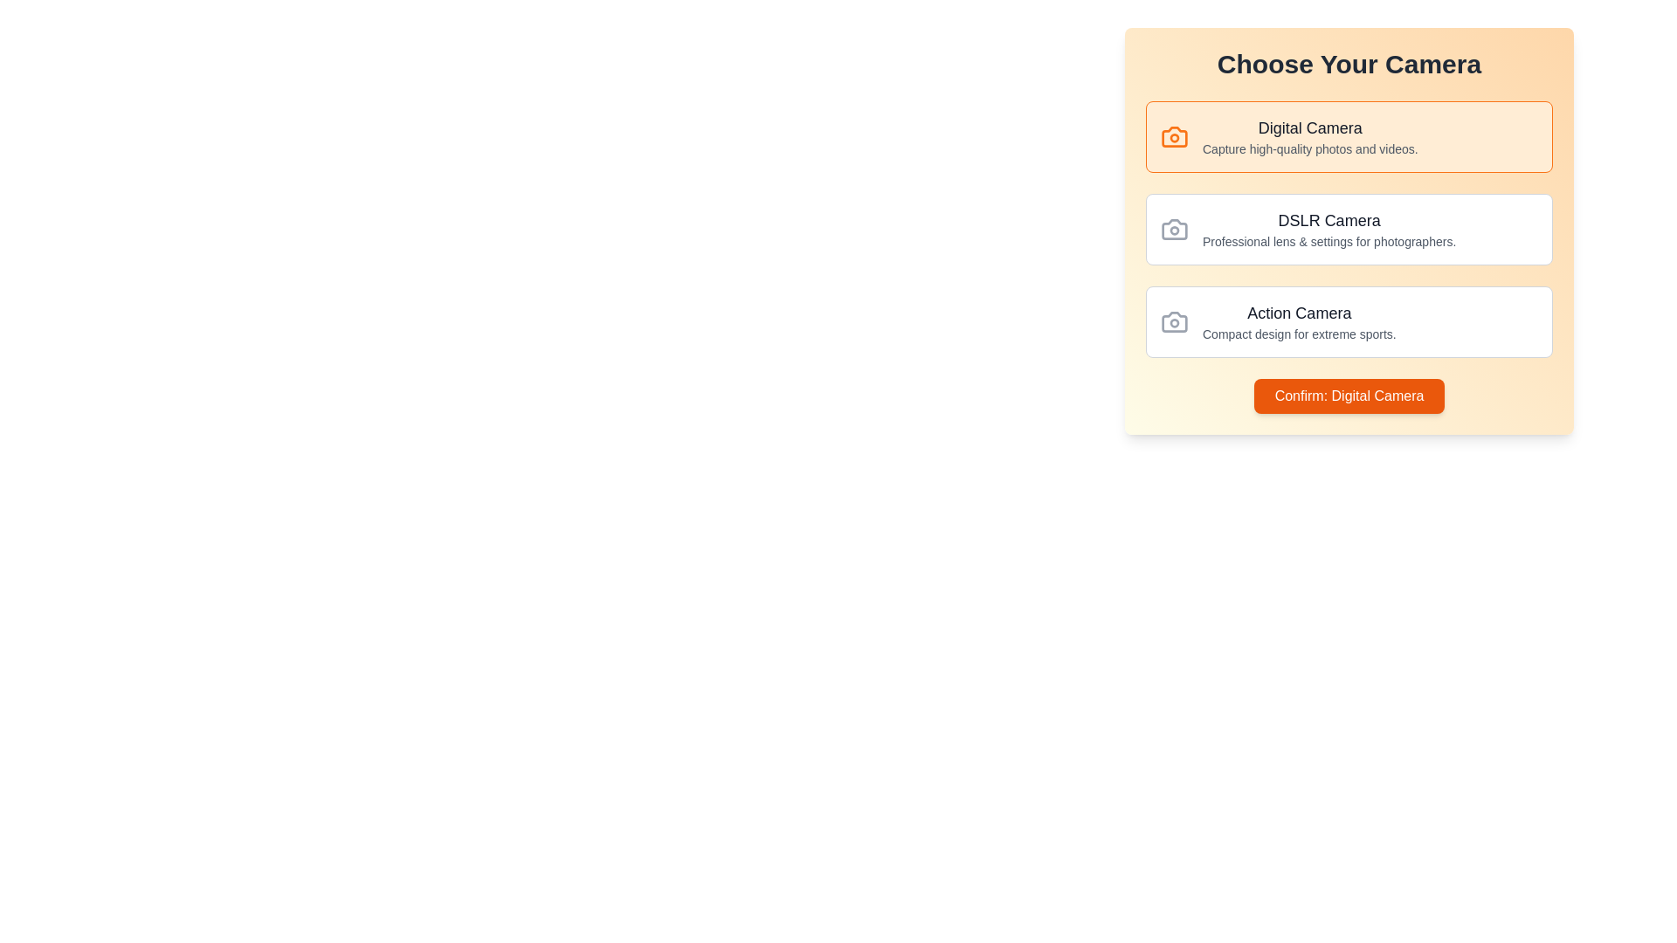 Image resolution: width=1677 pixels, height=943 pixels. Describe the element at coordinates (1299, 322) in the screenshot. I see `the text element that describes the 'Action Camera' option, located in the 'Choose Your Camera' section, between the 'DSLR Camera' card and the 'Confirm: Digital Camera' button` at that location.